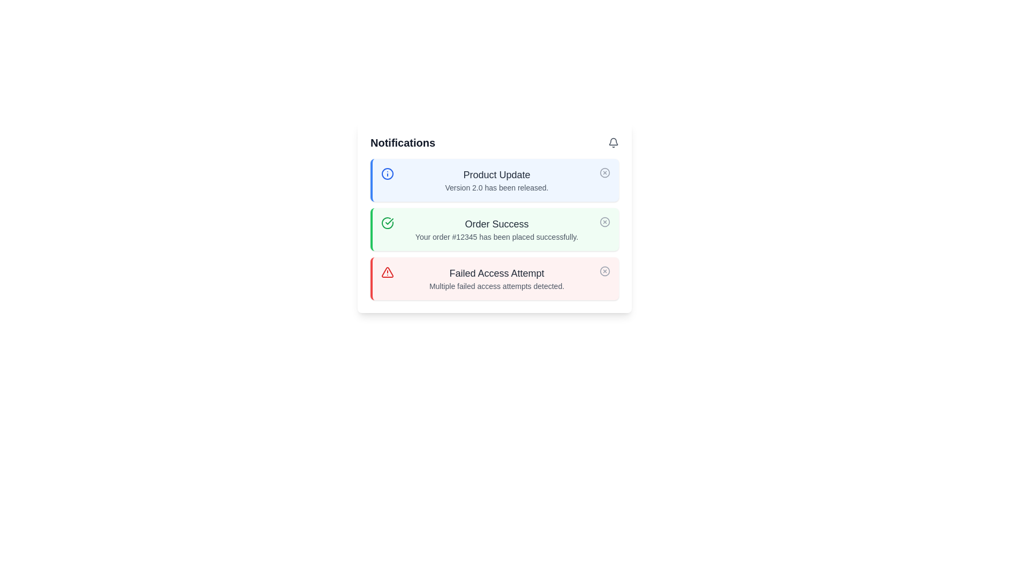 The width and height of the screenshot is (1028, 578). Describe the element at coordinates (496, 187) in the screenshot. I see `the static text label that informs the user about the release of version 2.0 of the product, located under the title 'Product Update' in the notification card` at that location.